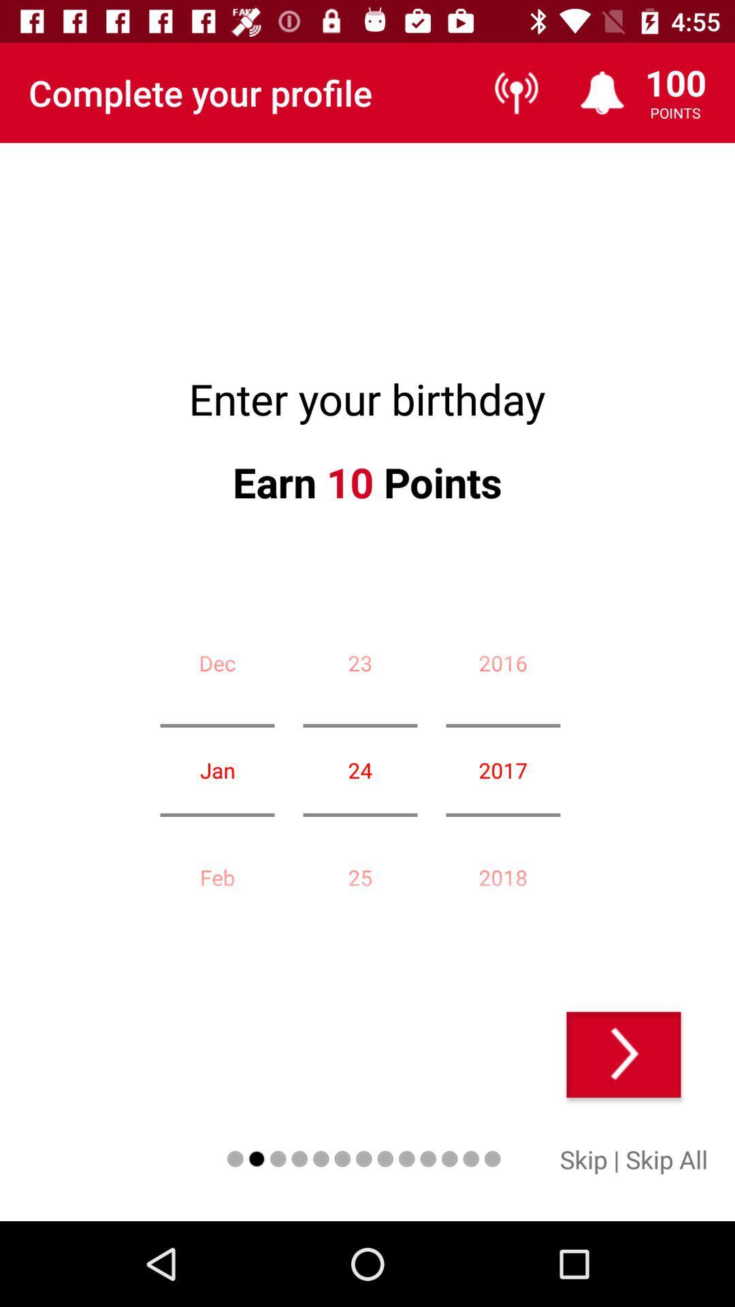 The image size is (735, 1307). What do you see at coordinates (623, 1054) in the screenshot?
I see `next arrow icon` at bounding box center [623, 1054].